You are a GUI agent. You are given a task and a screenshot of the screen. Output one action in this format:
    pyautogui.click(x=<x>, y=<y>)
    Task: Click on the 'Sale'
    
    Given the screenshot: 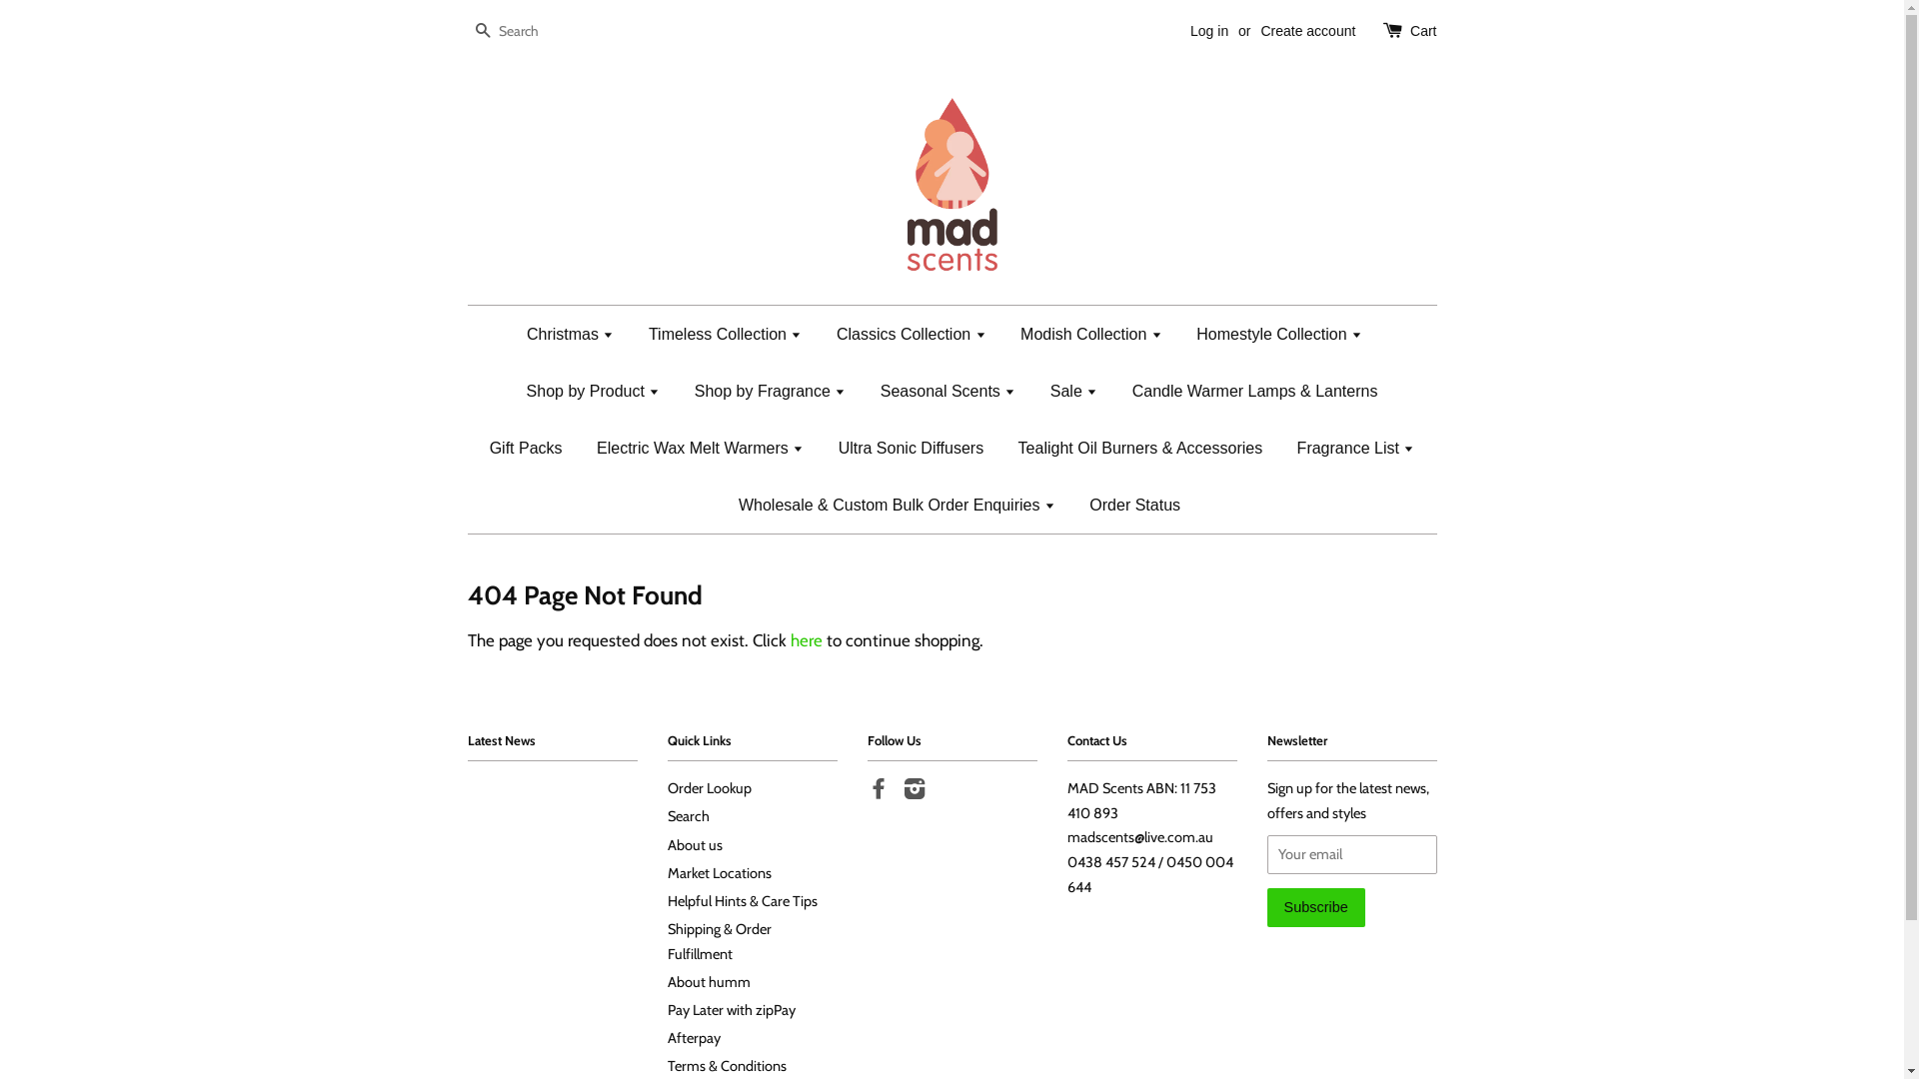 What is the action you would take?
    pyautogui.click(x=1072, y=391)
    